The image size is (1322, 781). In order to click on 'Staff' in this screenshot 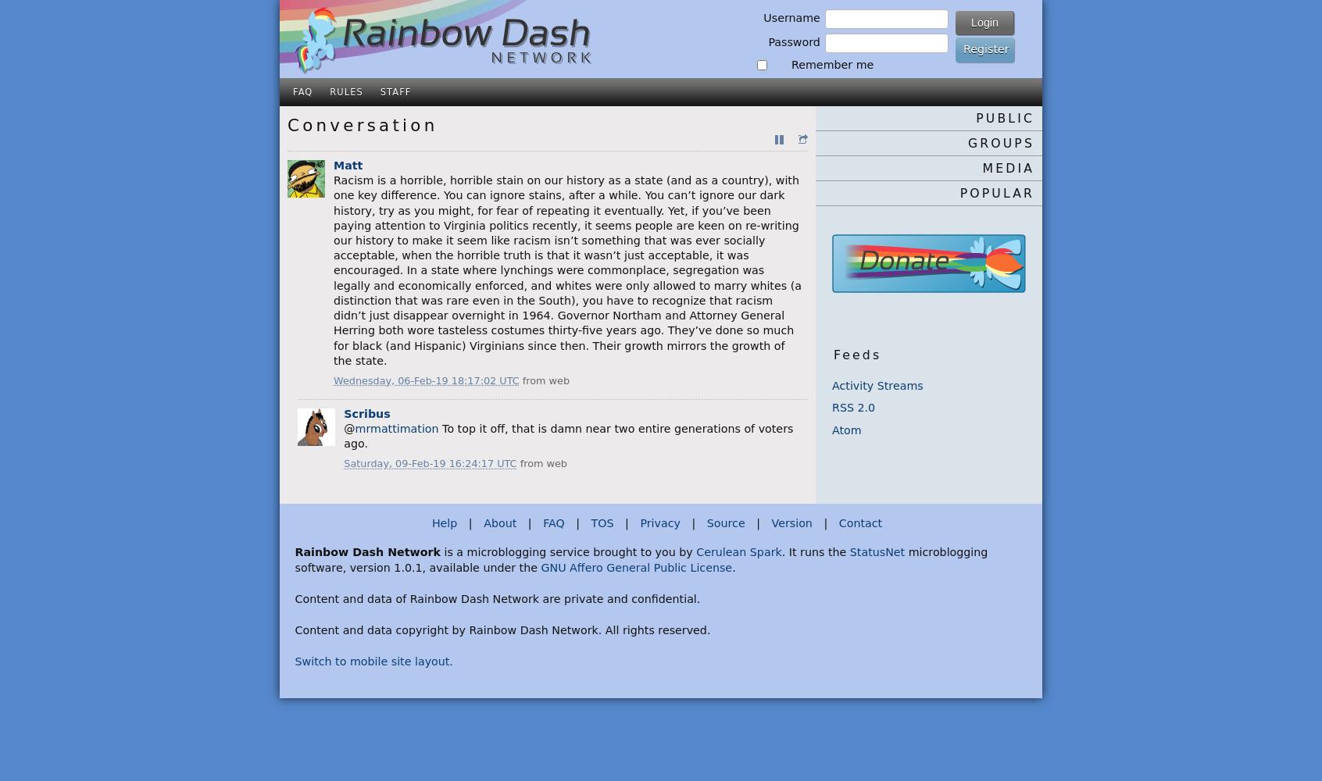, I will do `click(395, 91)`.